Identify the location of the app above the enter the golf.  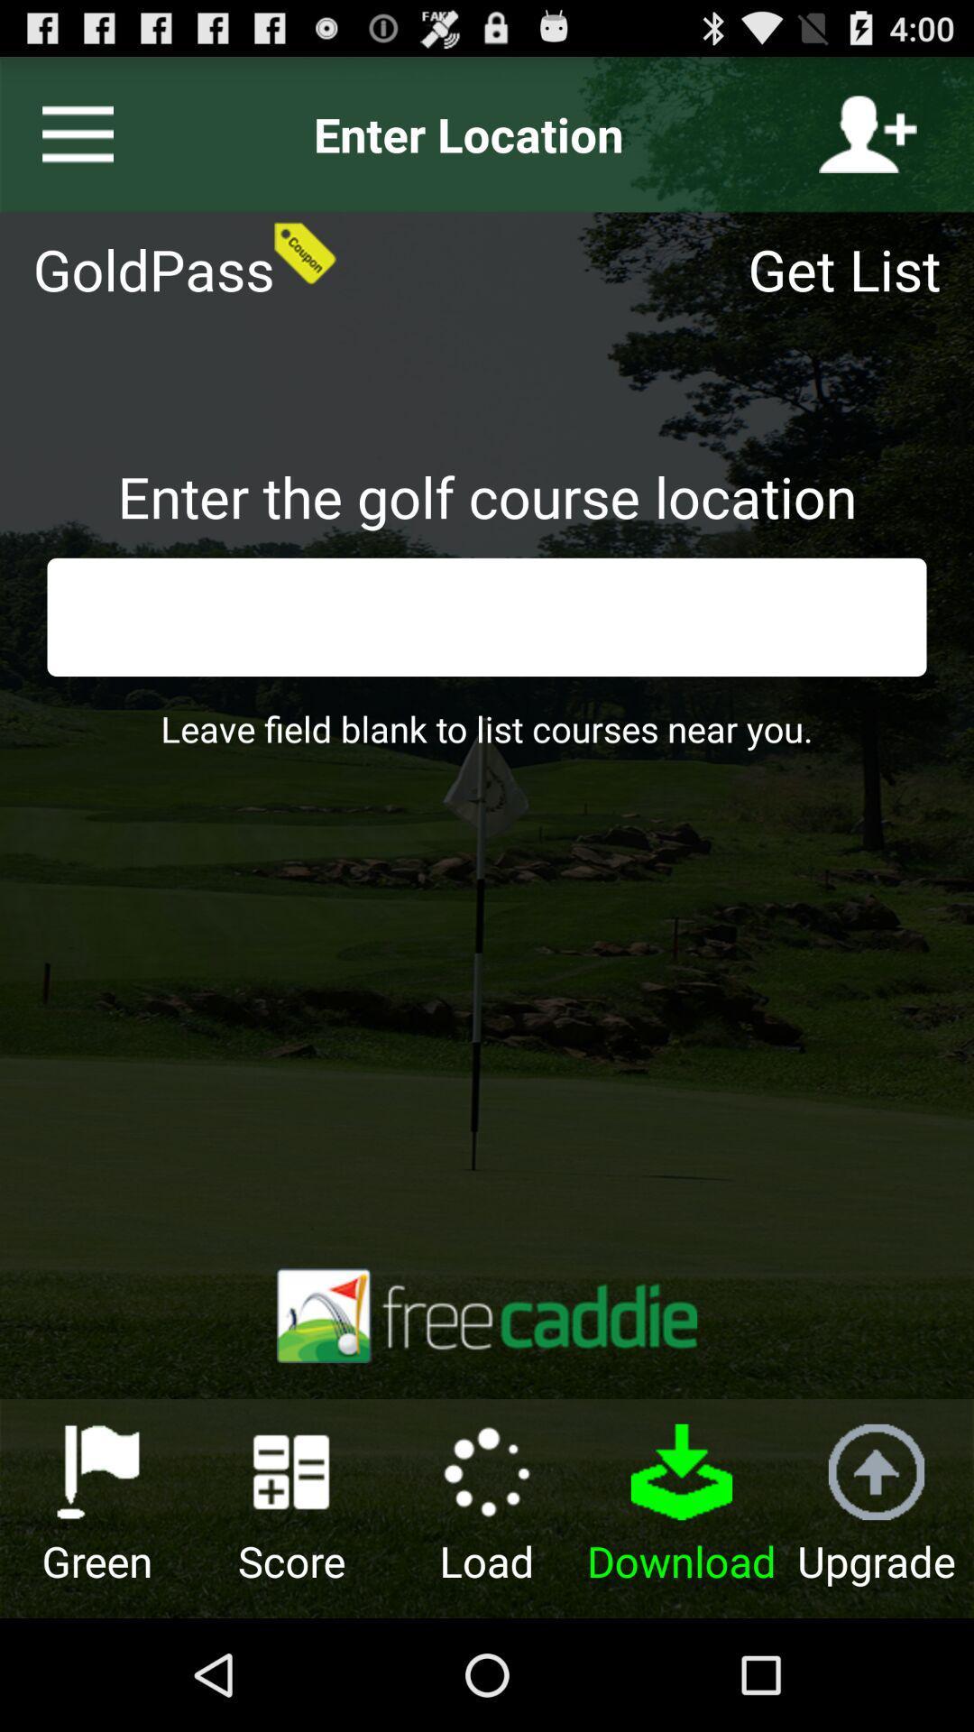
(855, 268).